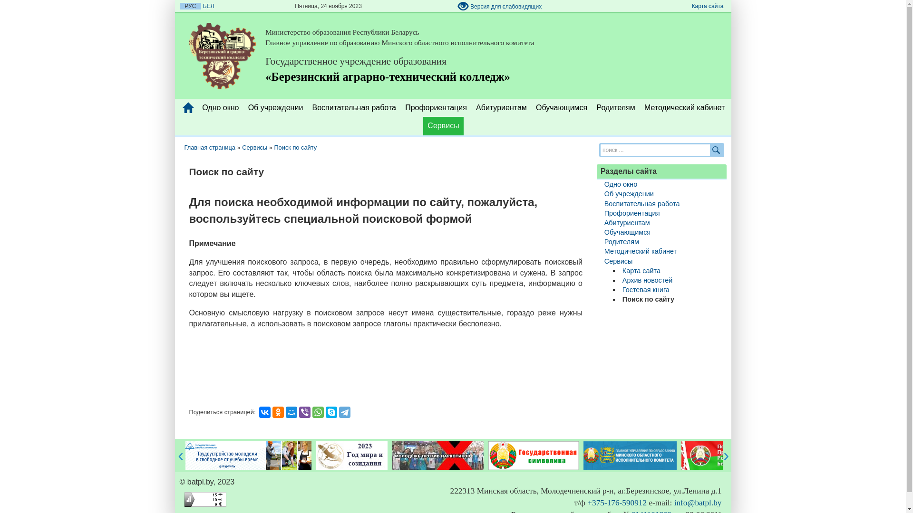 This screenshot has width=913, height=513. What do you see at coordinates (305, 411) in the screenshot?
I see `'Viber'` at bounding box center [305, 411].